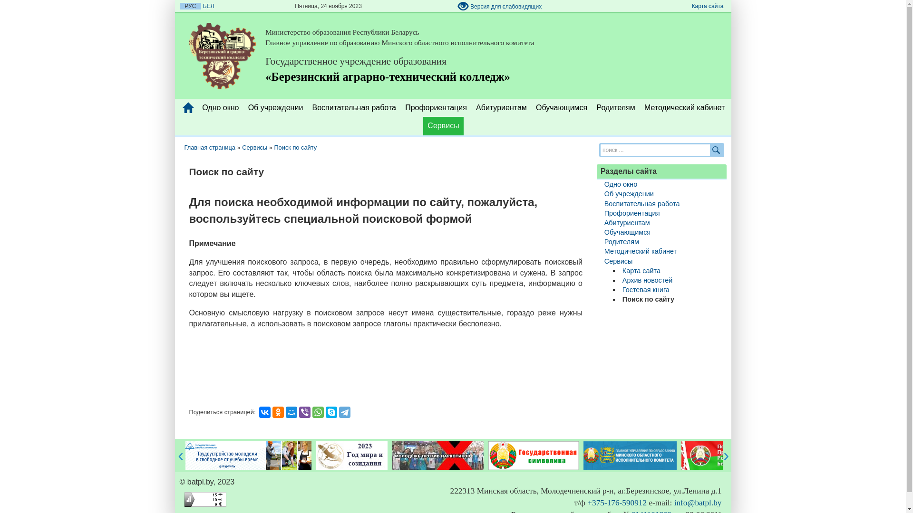 This screenshot has width=913, height=513. What do you see at coordinates (305, 411) in the screenshot?
I see `'Viber'` at bounding box center [305, 411].